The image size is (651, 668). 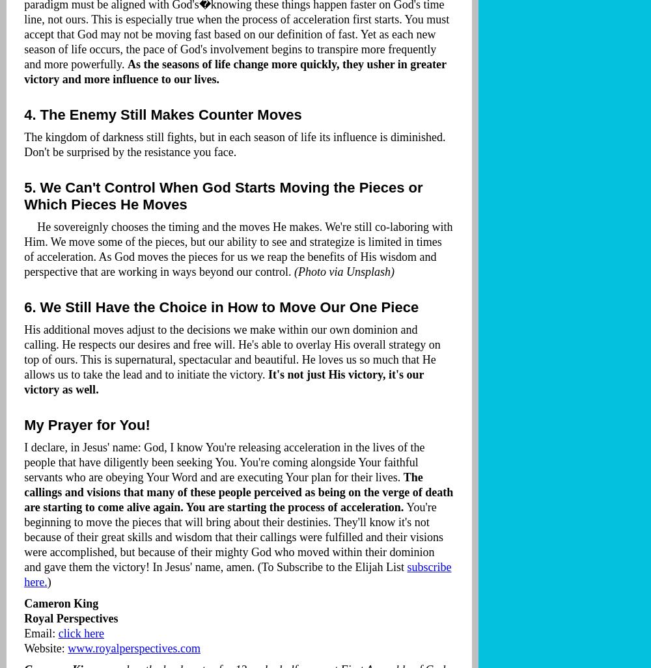 I want to click on 'Cameron King', so click(x=24, y=603).